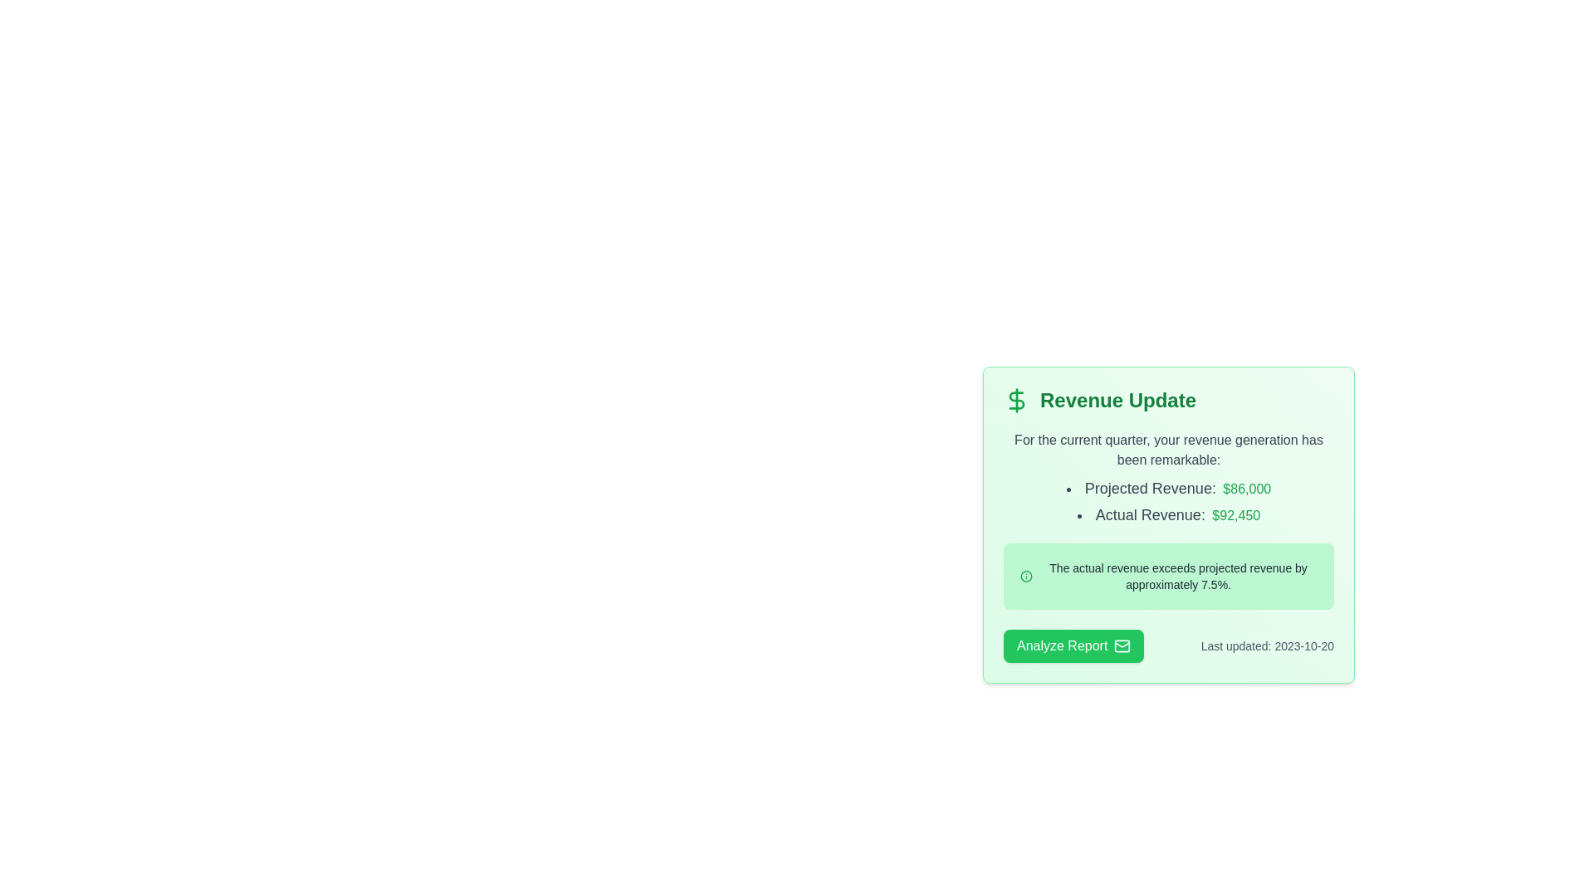  I want to click on the text label displaying 'Actual Revenue:' which is styled as a header and is located in the light green content box under 'Revenue Update', so click(1149, 514).